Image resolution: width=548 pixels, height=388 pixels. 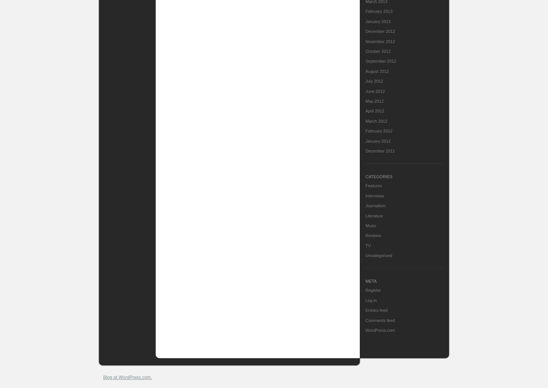 I want to click on 'July 2012', so click(x=374, y=80).